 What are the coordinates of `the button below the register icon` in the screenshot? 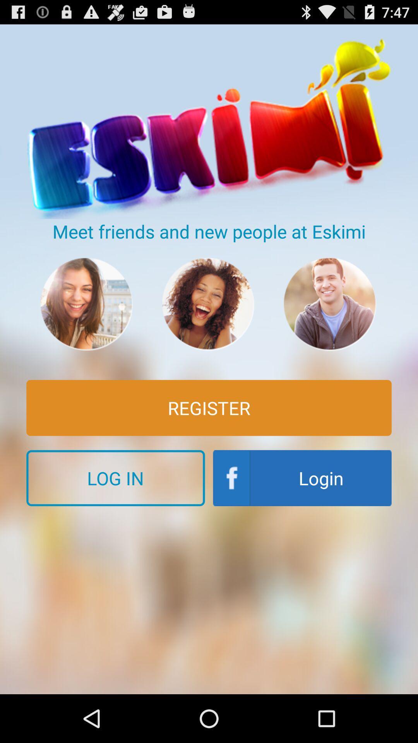 It's located at (115, 478).